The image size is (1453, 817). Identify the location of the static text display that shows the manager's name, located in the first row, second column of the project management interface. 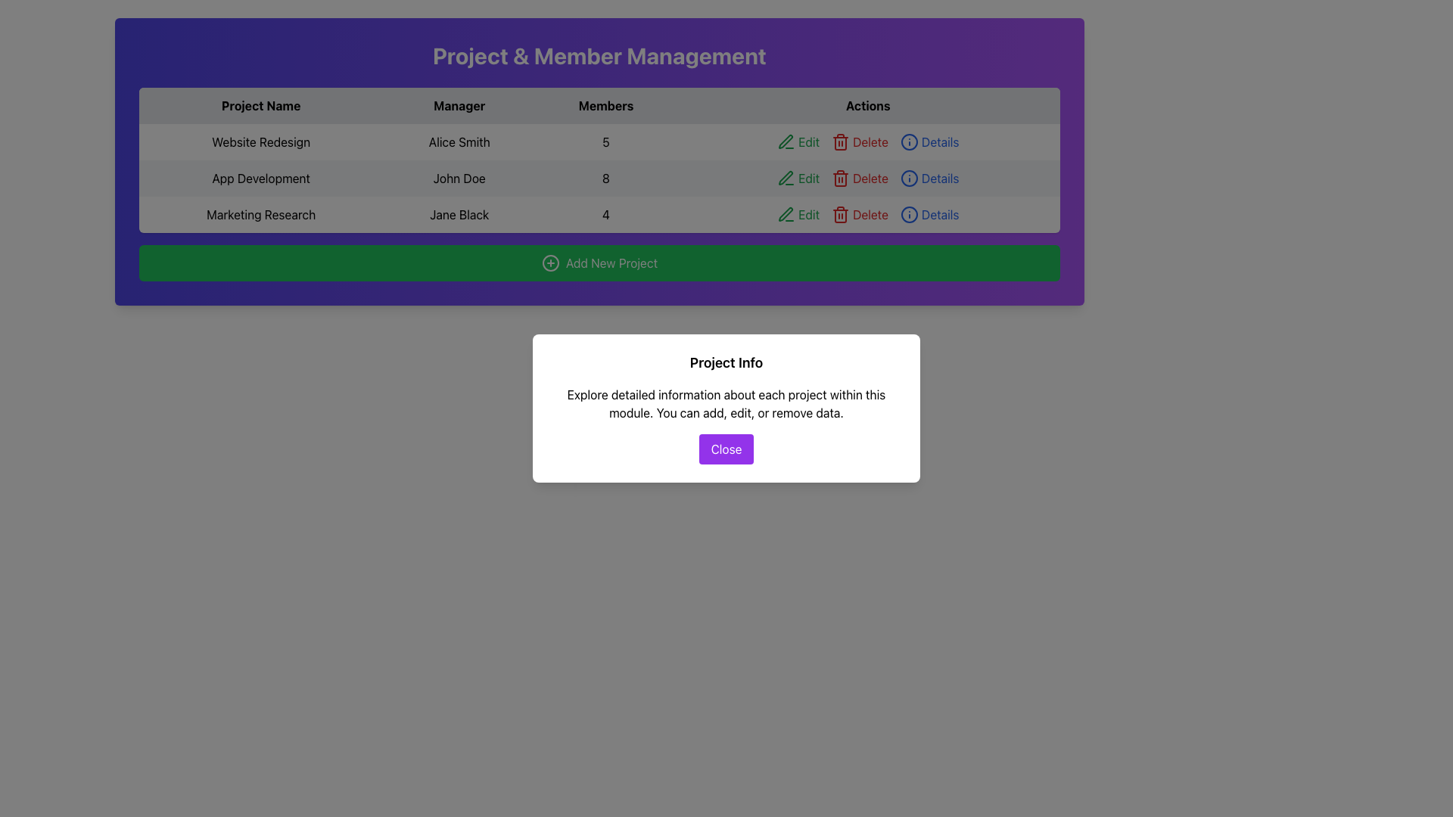
(459, 142).